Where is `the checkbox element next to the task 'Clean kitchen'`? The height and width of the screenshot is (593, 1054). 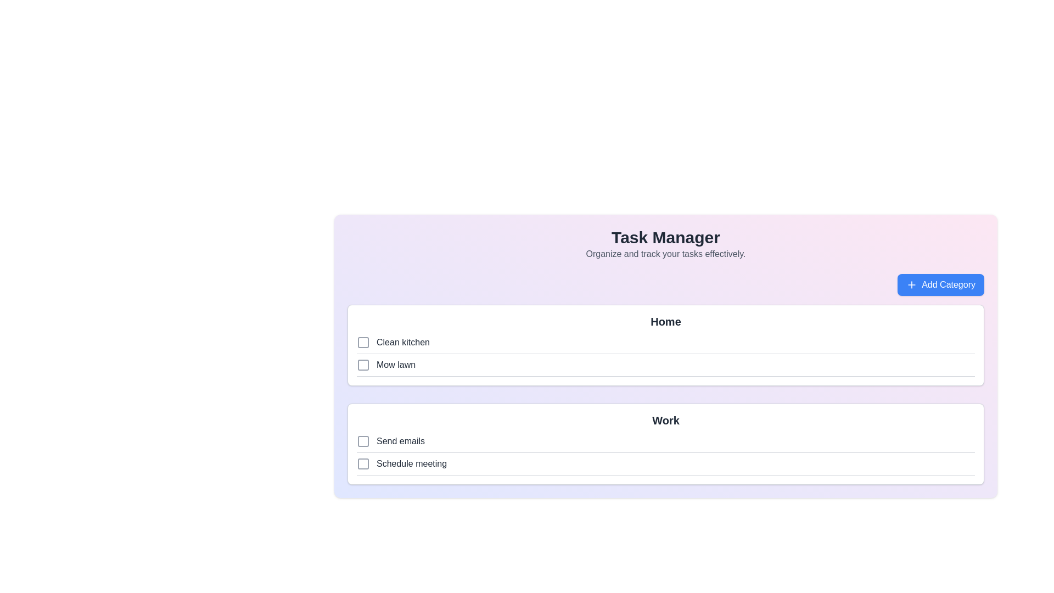
the checkbox element next to the task 'Clean kitchen' is located at coordinates (363, 342).